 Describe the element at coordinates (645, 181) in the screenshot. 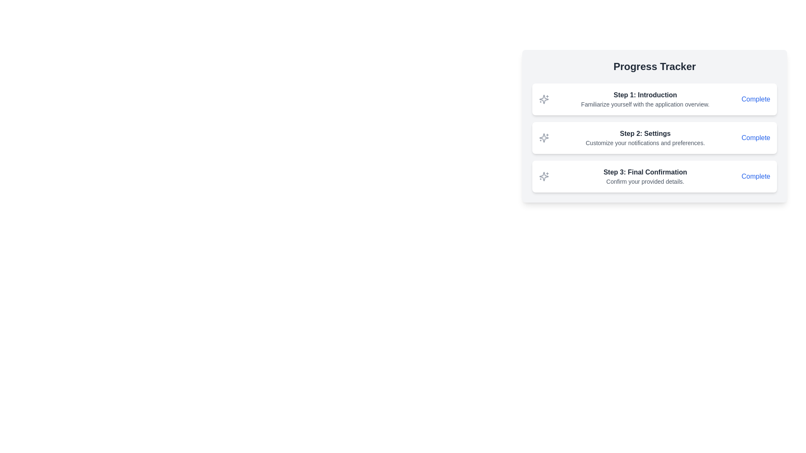

I see `text content of the label located directly underneath the bold title 'Step 3: Final Confirmation' in the 'Progress Tracker' interface` at that location.